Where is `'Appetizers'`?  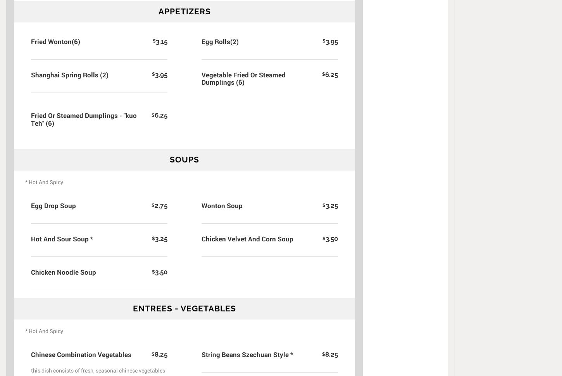 'Appetizers' is located at coordinates (184, 11).